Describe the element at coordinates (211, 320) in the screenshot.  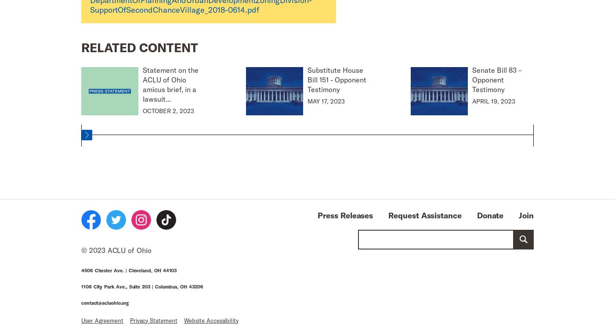
I see `'Website Accessibility'` at that location.